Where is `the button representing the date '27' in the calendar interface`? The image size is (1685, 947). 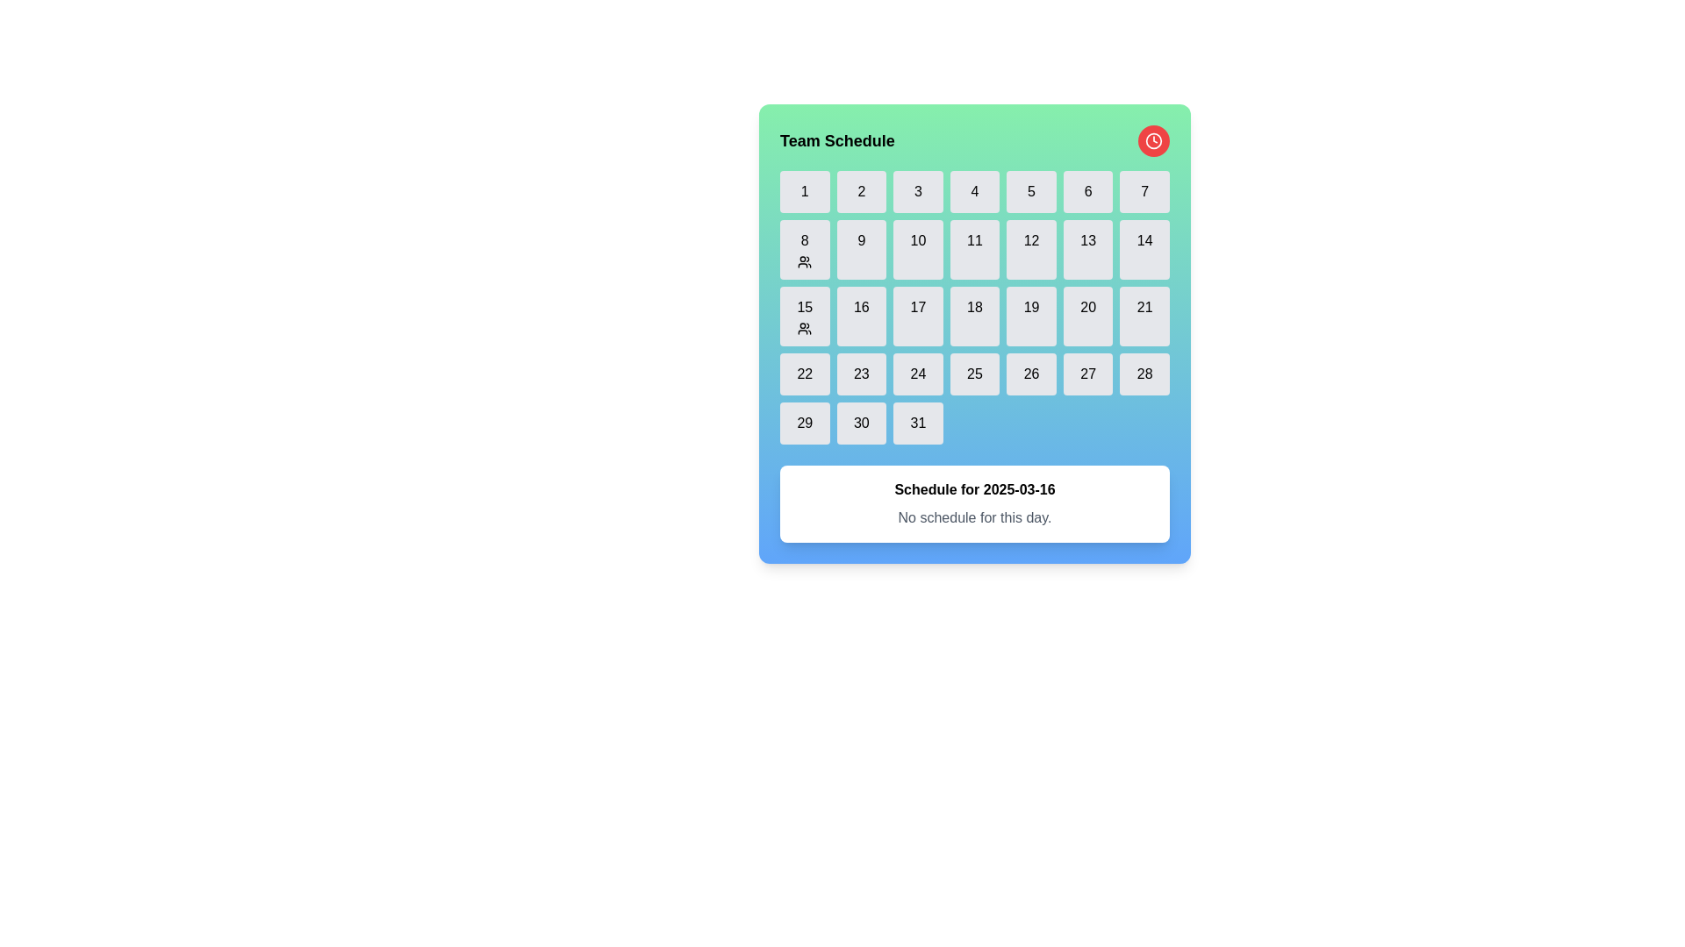 the button representing the date '27' in the calendar interface is located at coordinates (1087, 374).